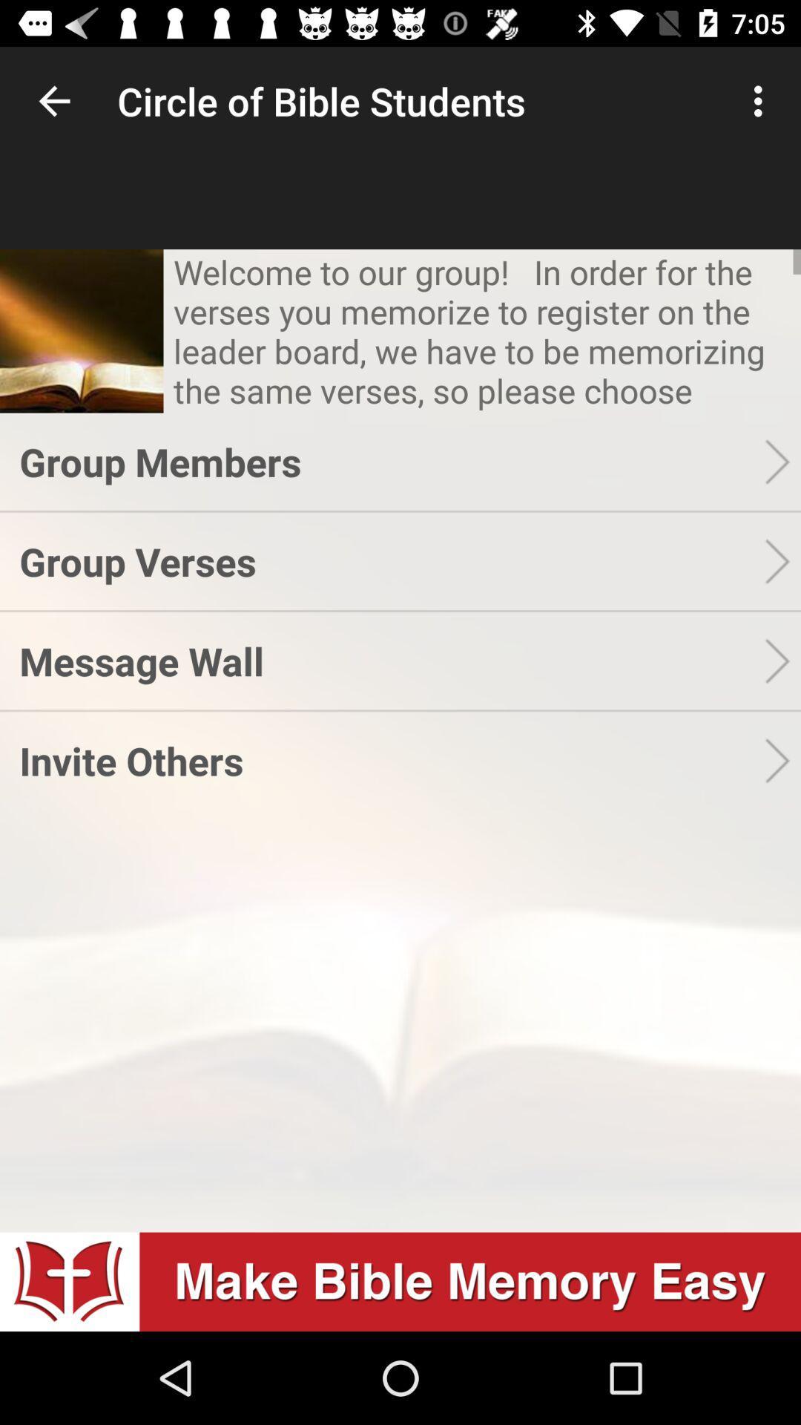 The width and height of the screenshot is (801, 1425). I want to click on app above invite others item, so click(391, 660).